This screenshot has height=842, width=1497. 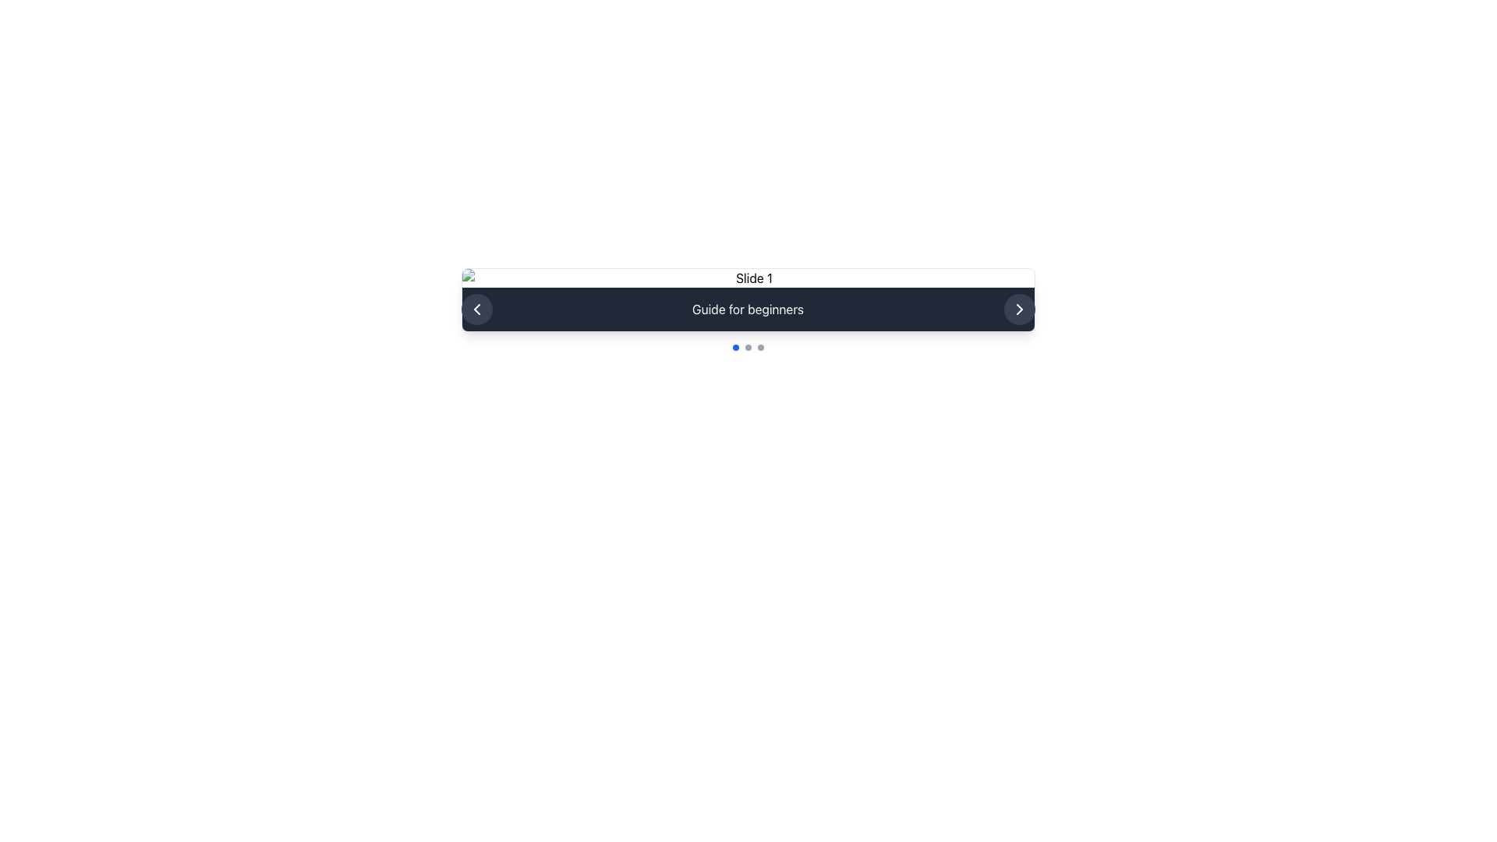 I want to click on the circular gray button with a white left-facing chevron icon, so click(x=476, y=310).